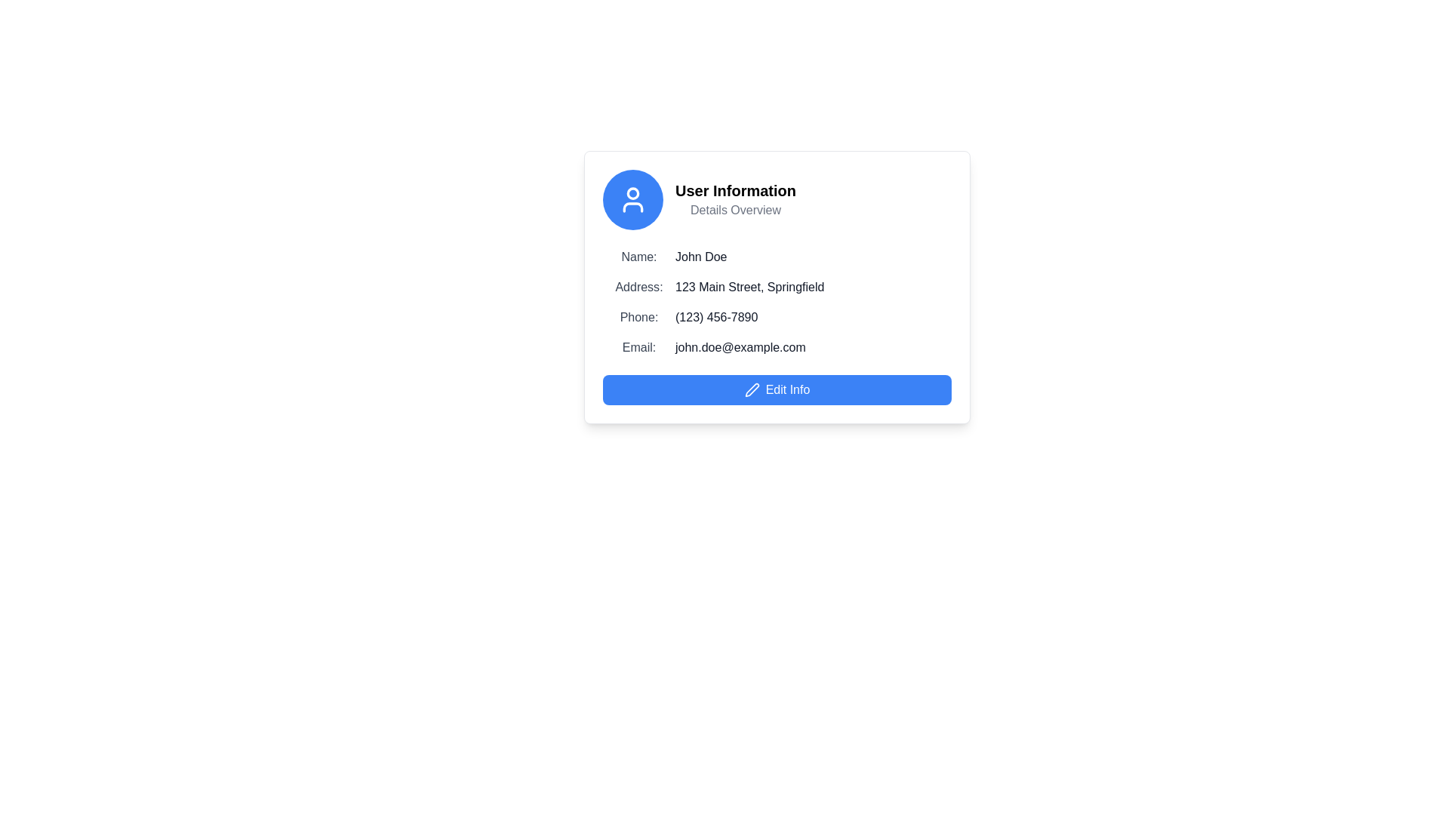 The height and width of the screenshot is (815, 1449). What do you see at coordinates (735, 190) in the screenshot?
I see `the 'User Information' label, which is styled with bold font and larger size, located at the top-left corner of the content card above 'Details Overview'` at bounding box center [735, 190].